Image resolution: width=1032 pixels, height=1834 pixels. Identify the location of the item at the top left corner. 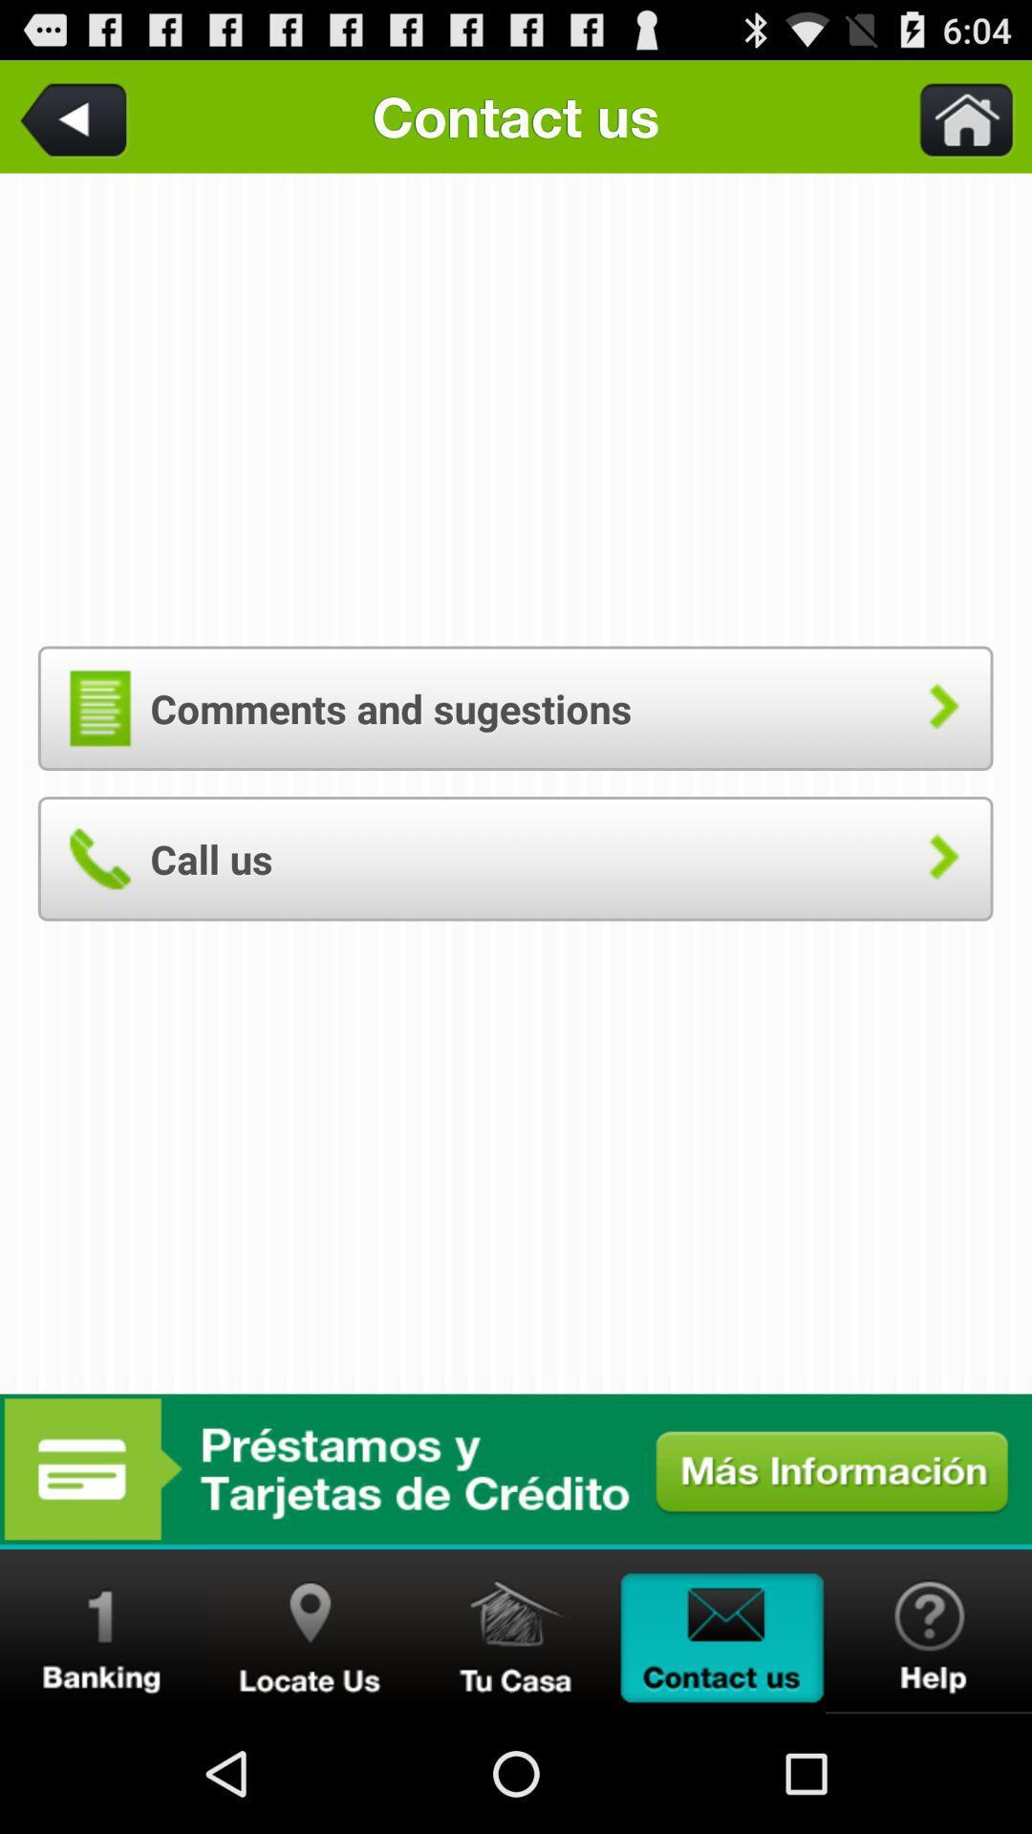
(76, 116).